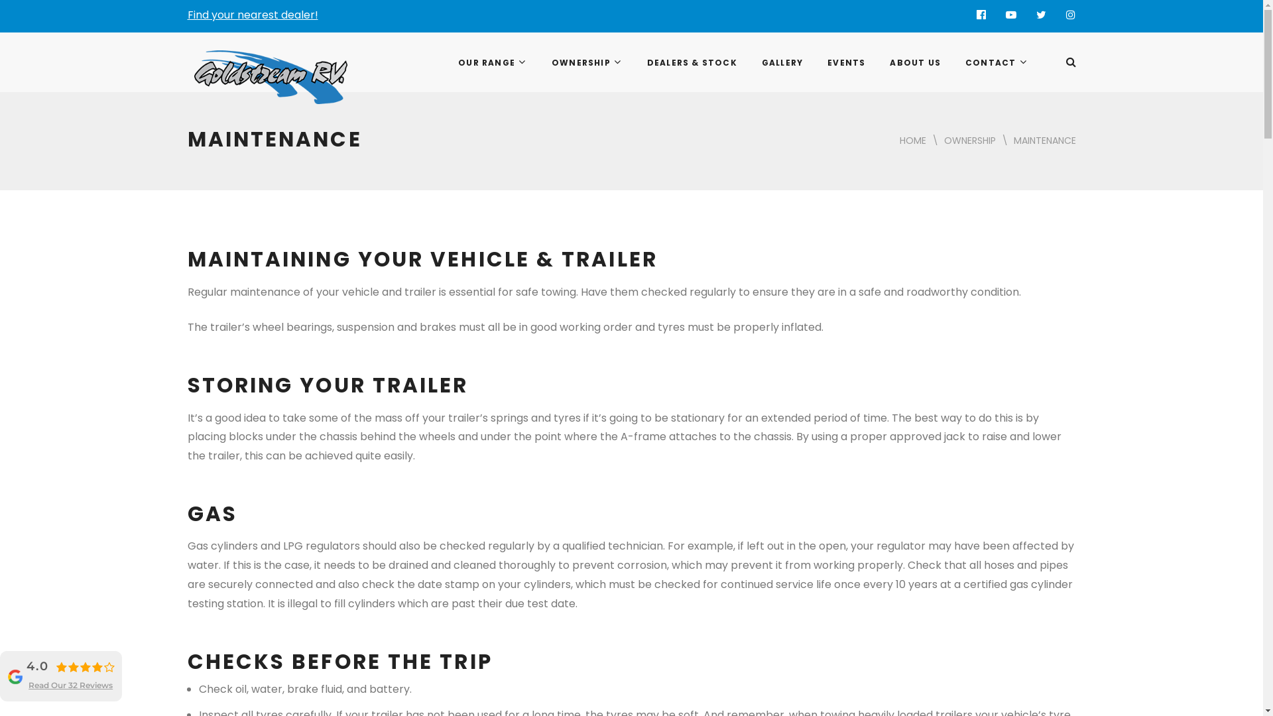 This screenshot has width=1273, height=716. What do you see at coordinates (252, 15) in the screenshot?
I see `'Find your nearest dealer!'` at bounding box center [252, 15].